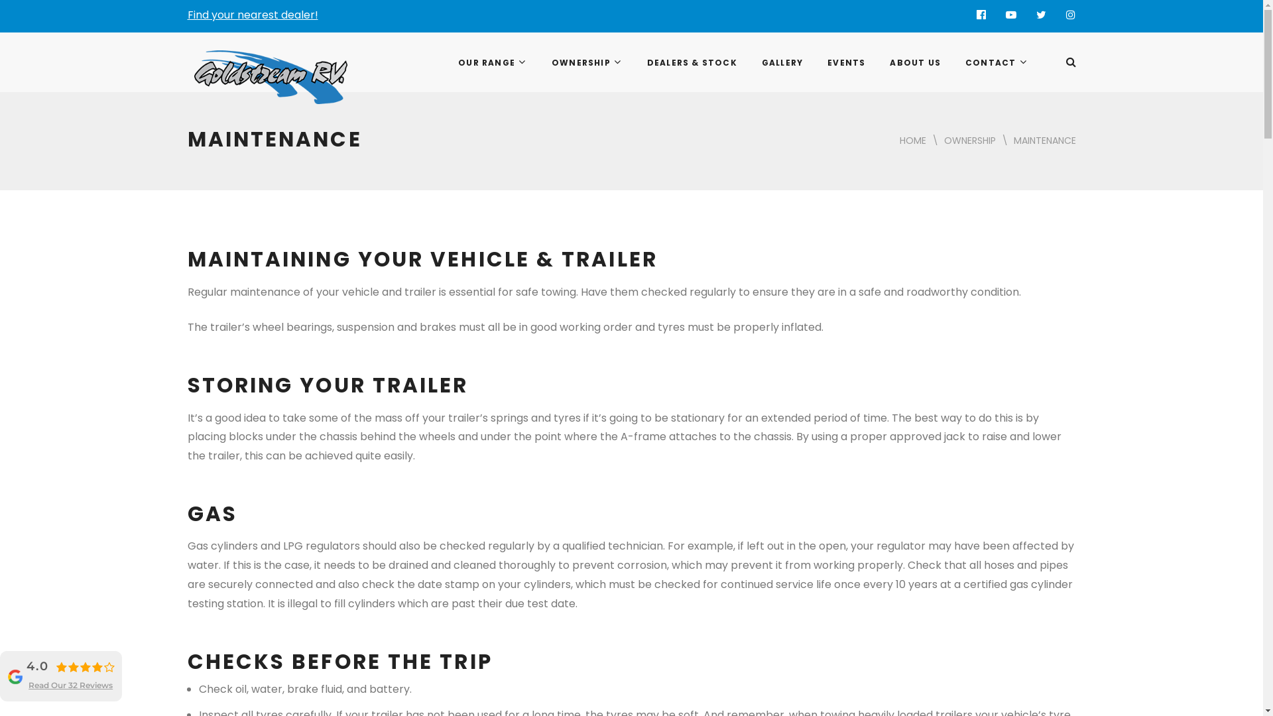 This screenshot has width=1273, height=716. What do you see at coordinates (252, 15) in the screenshot?
I see `'Find your nearest dealer!'` at bounding box center [252, 15].